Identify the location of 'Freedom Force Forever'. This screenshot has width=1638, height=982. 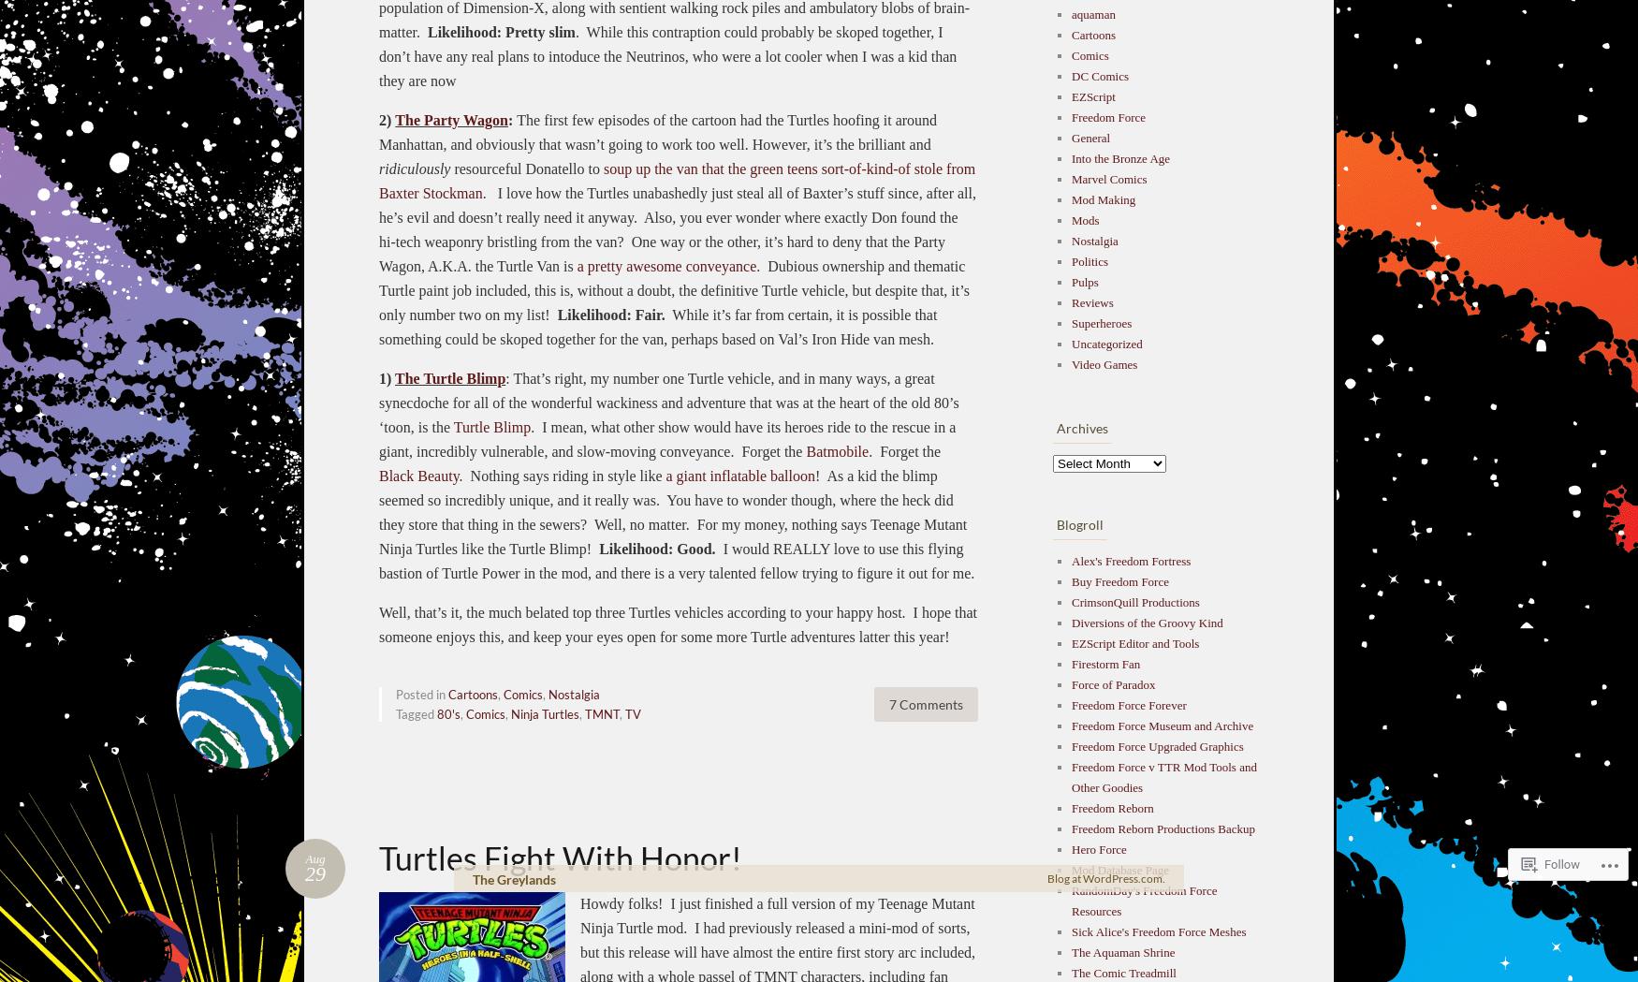
(1128, 703).